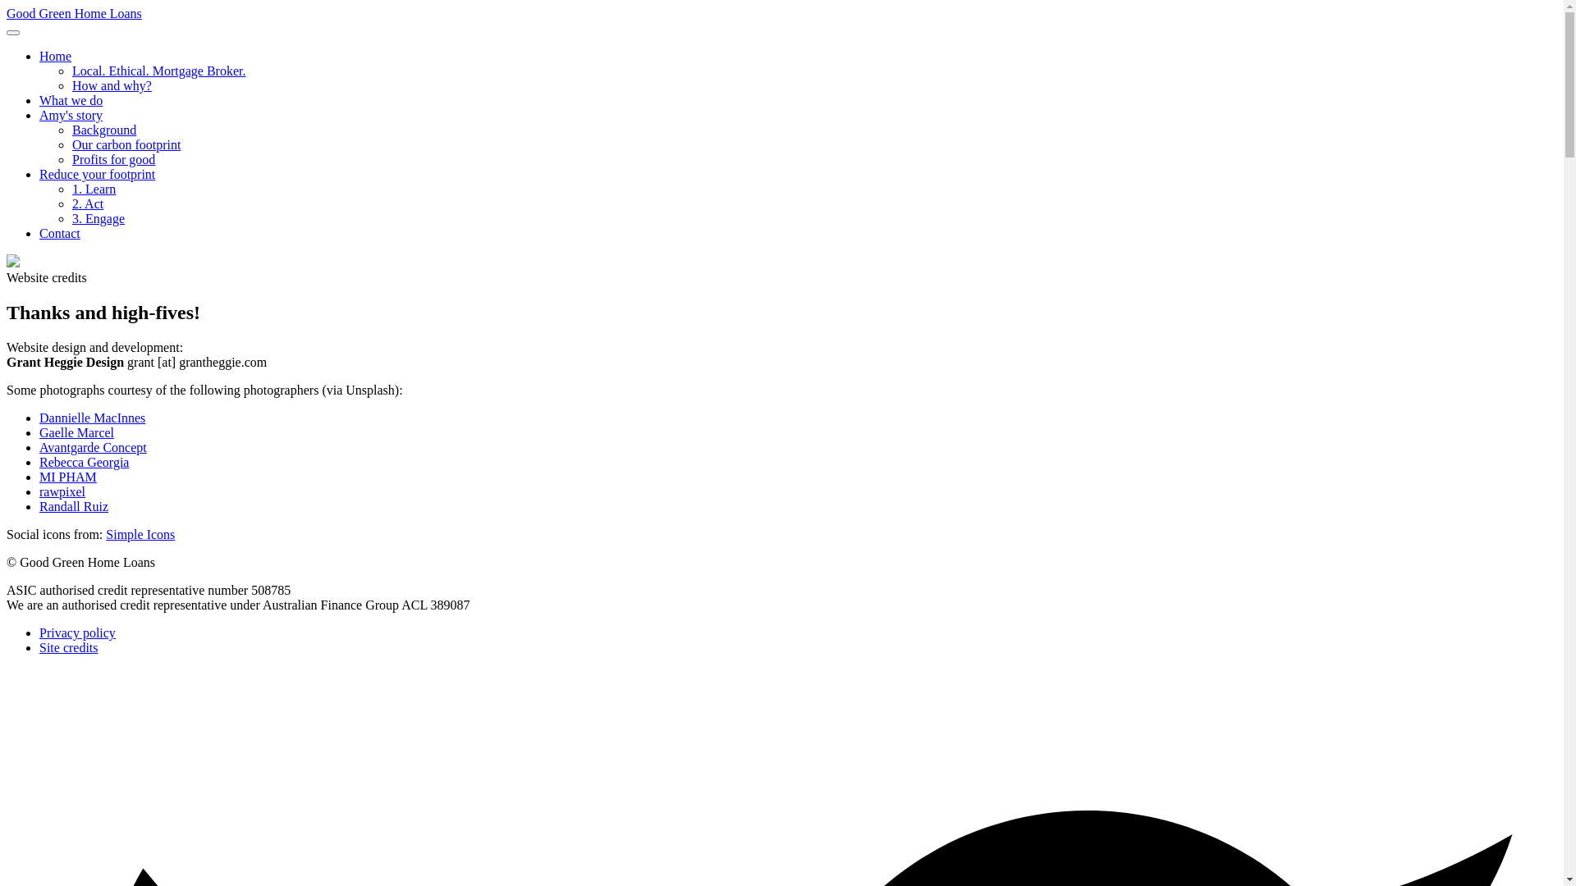  Describe the element at coordinates (71, 70) in the screenshot. I see `'Local. Ethical. Mortgage Broker.'` at that location.